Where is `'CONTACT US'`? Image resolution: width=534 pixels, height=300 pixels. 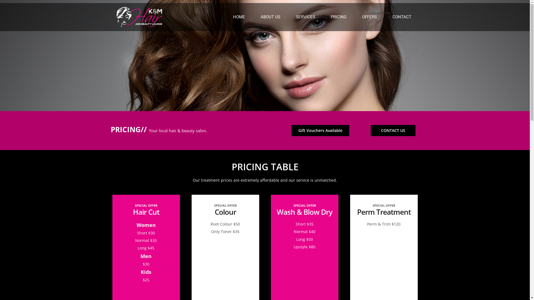 'CONTACT US' is located at coordinates (392, 131).